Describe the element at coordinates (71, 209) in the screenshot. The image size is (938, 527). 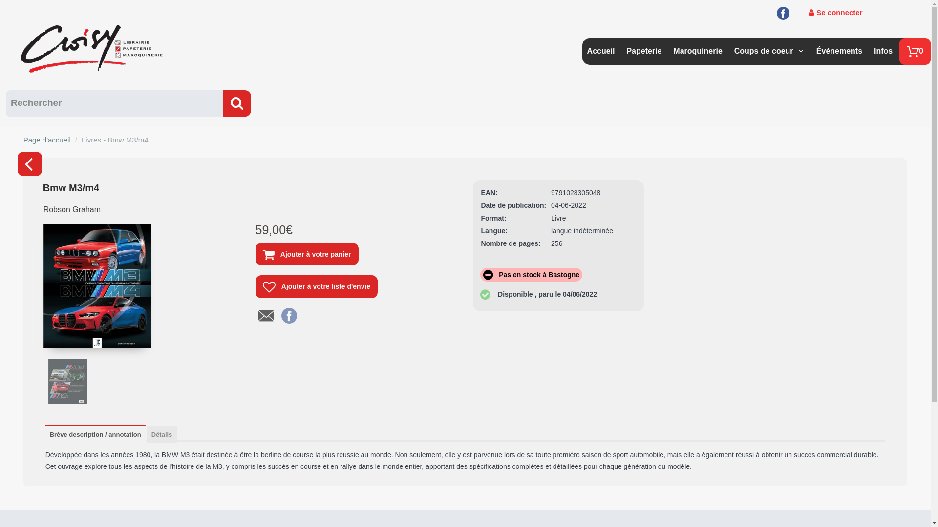
I see `'Robson Graham'` at that location.